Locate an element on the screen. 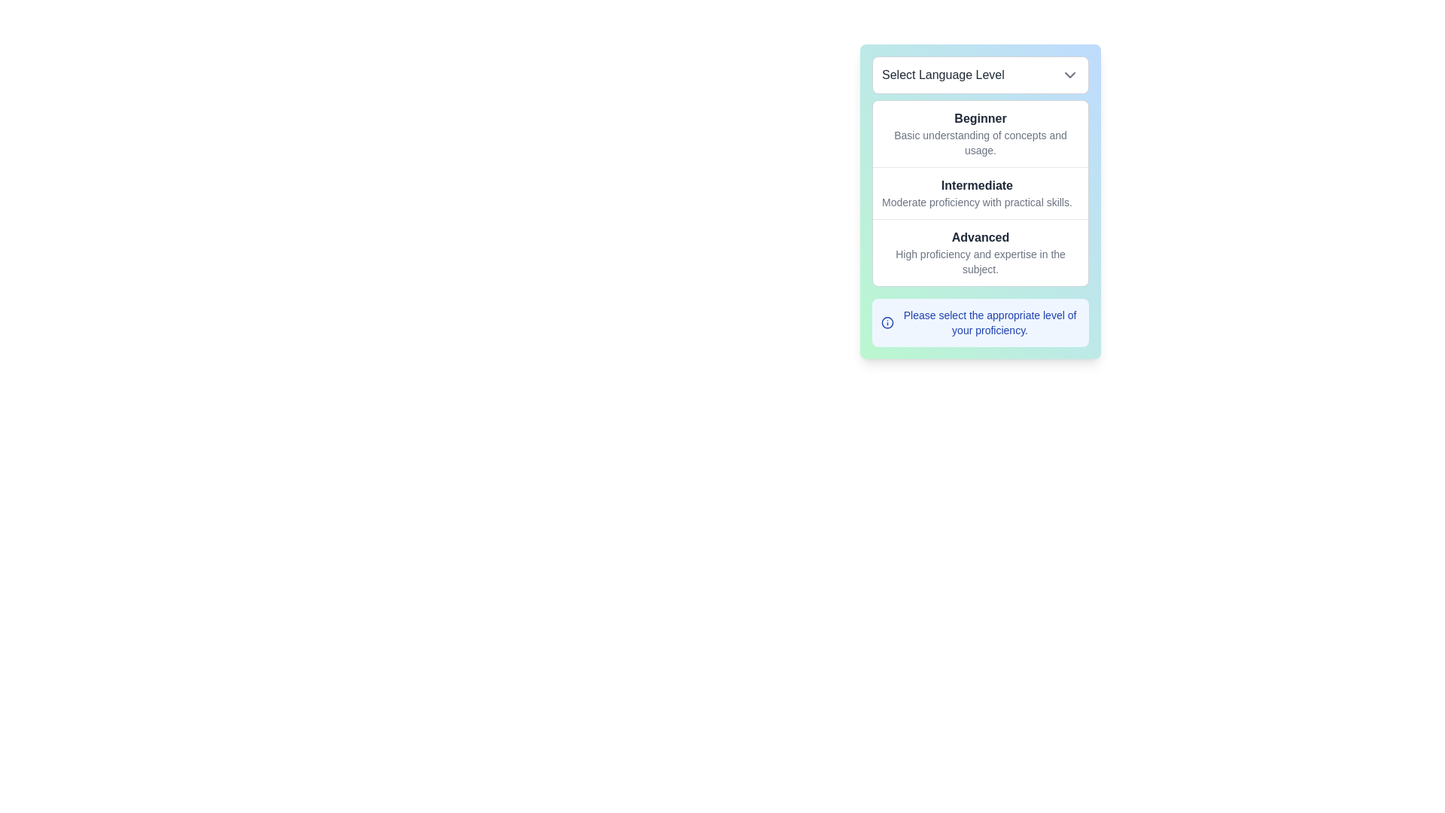 This screenshot has width=1445, height=813. informational message box located at the bottom of the layout, underneath the proficiency level options (Beginner, Intermediate, Advanced) is located at coordinates (980, 321).